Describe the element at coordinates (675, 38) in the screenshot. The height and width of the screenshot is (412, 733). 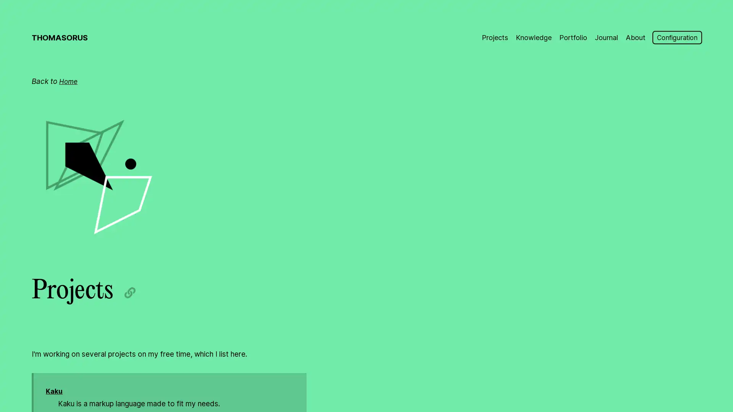
I see `Configuration` at that location.